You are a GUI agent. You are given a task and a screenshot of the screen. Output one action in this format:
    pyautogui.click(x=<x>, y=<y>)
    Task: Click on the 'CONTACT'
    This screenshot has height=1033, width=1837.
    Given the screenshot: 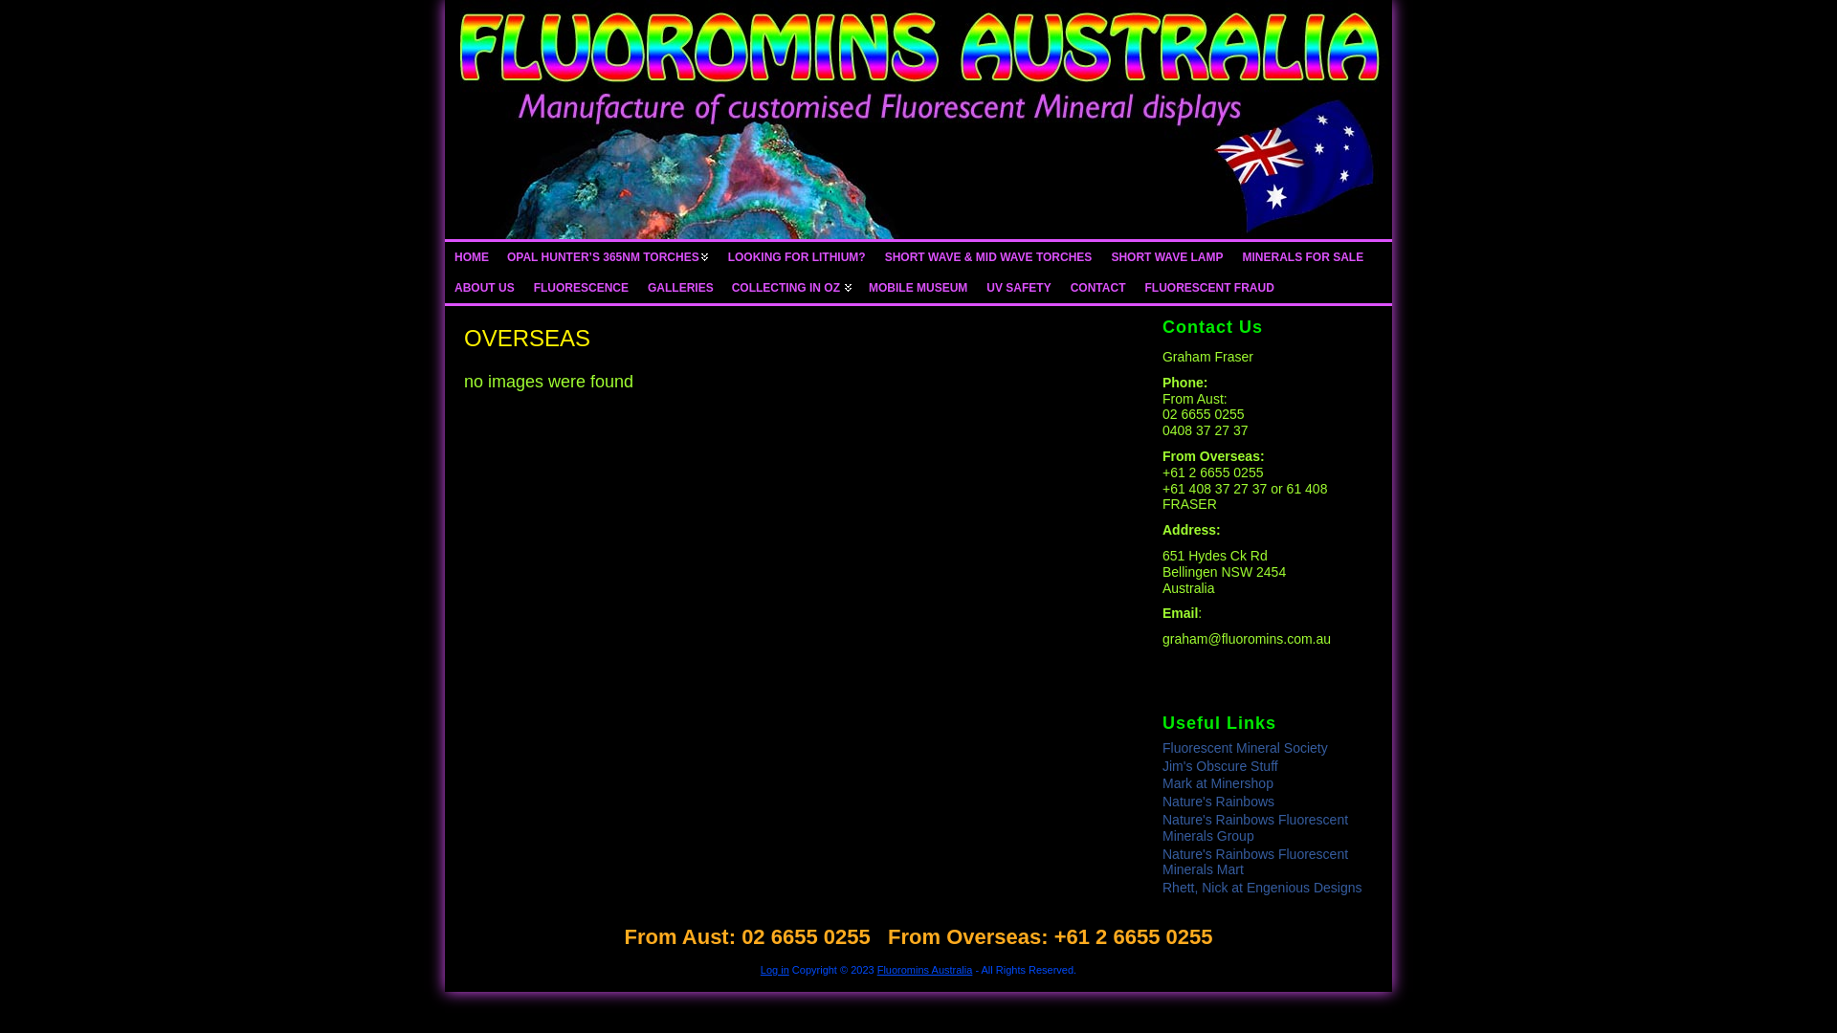 What is the action you would take?
    pyautogui.click(x=1097, y=287)
    